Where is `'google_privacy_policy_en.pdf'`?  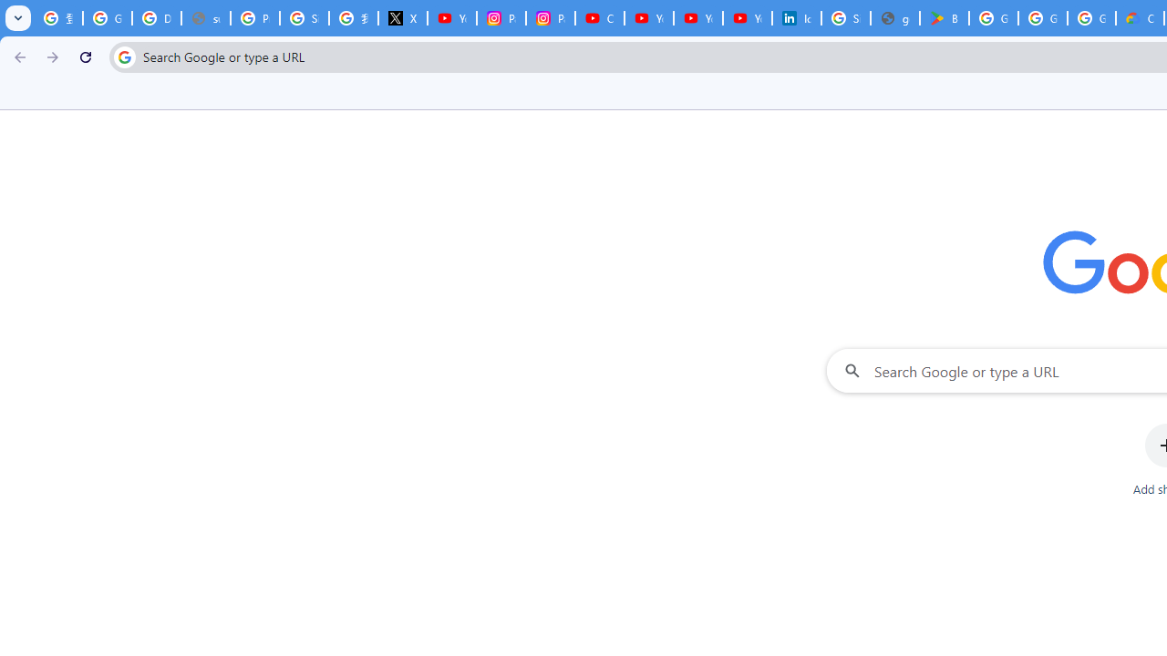 'google_privacy_policy_en.pdf' is located at coordinates (894, 18).